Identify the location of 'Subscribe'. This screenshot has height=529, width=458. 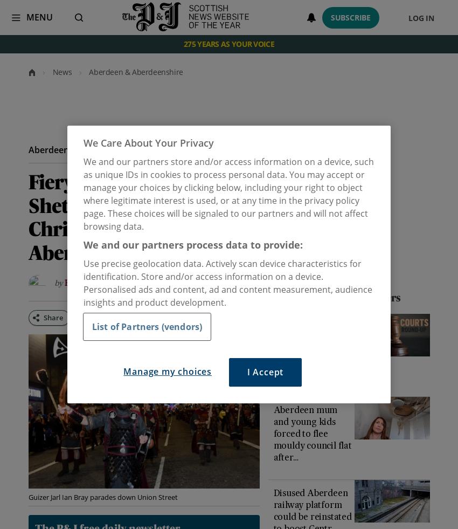
(350, 16).